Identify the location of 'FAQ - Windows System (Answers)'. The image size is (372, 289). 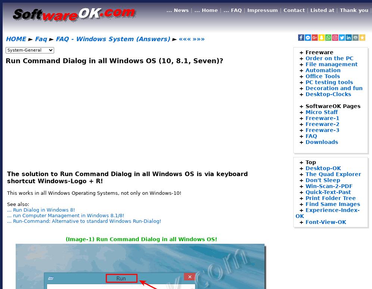
(112, 39).